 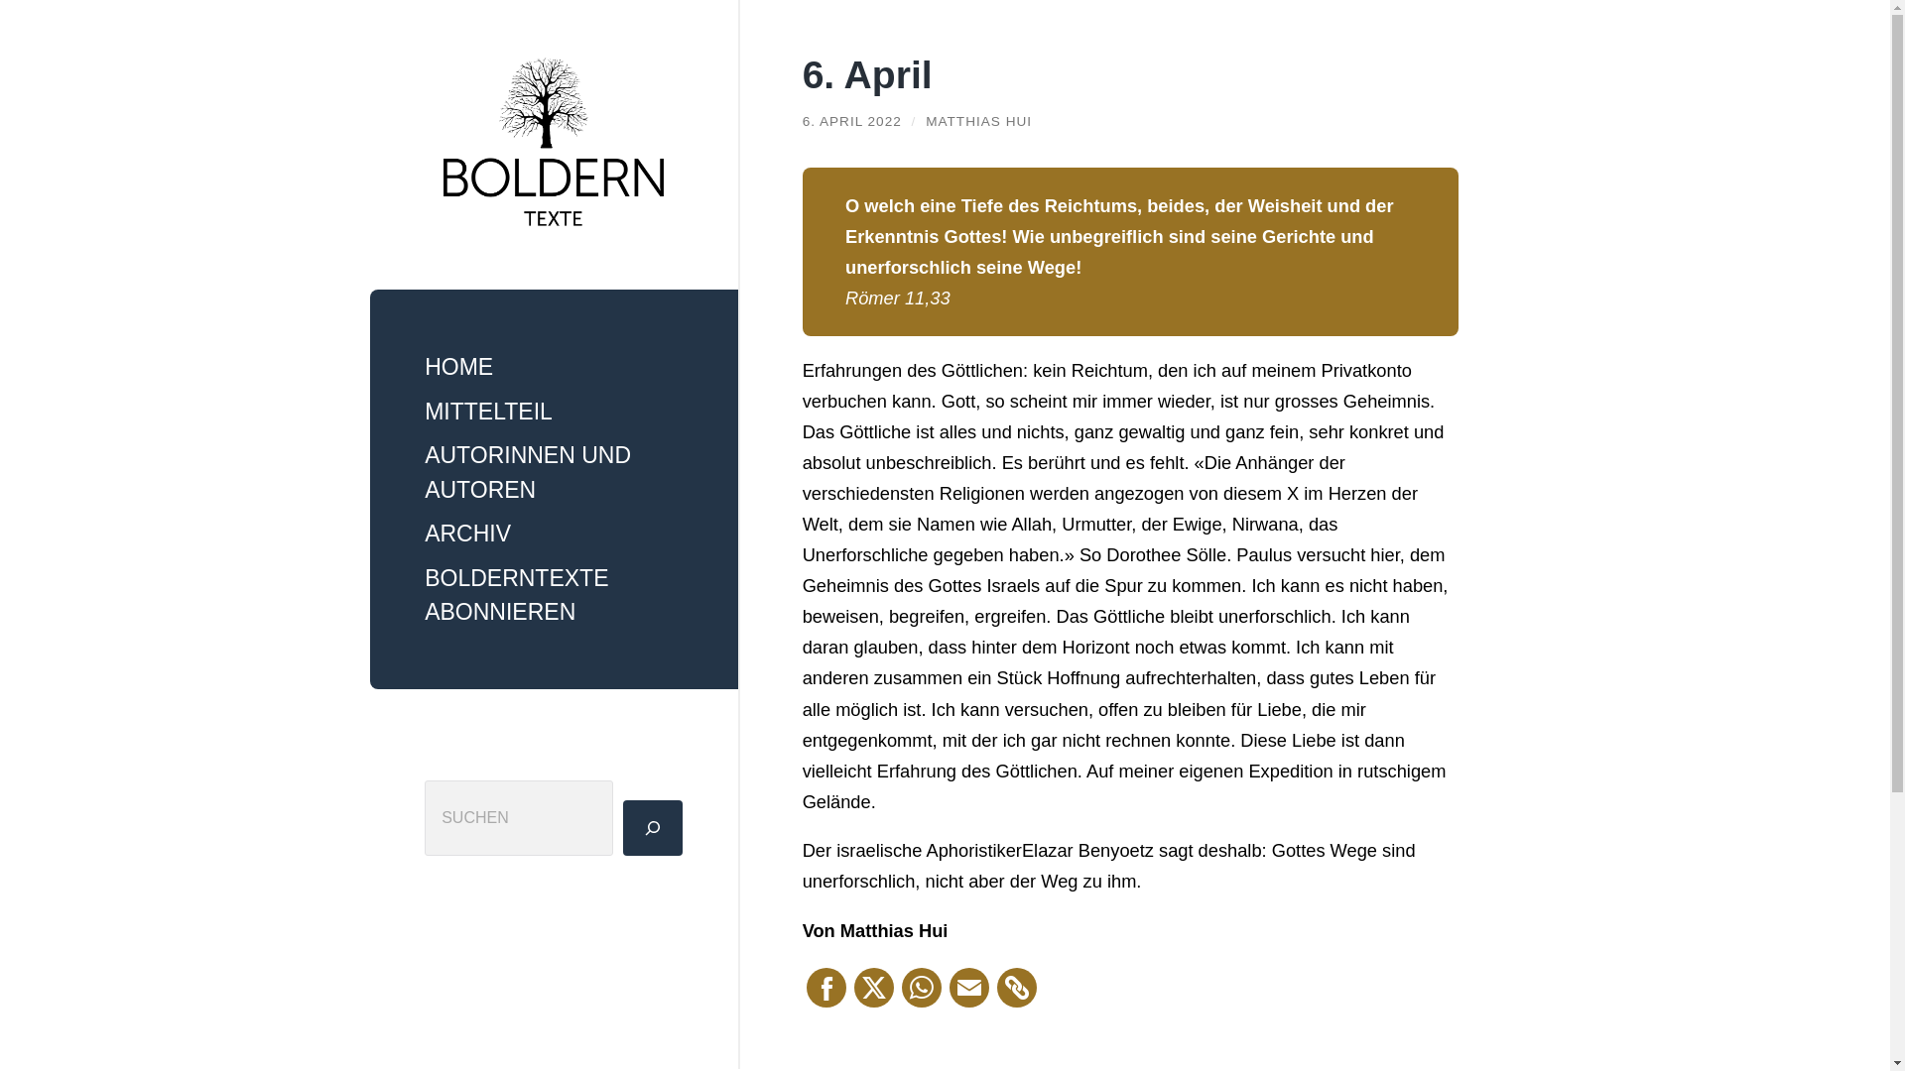 What do you see at coordinates (423, 411) in the screenshot?
I see `'MITTELTEIL'` at bounding box center [423, 411].